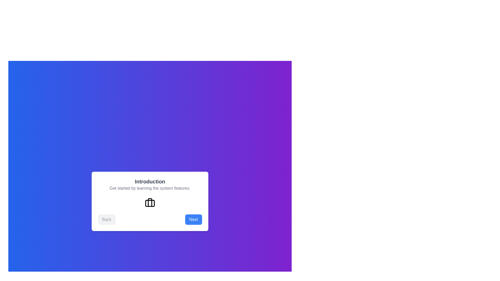 This screenshot has width=500, height=281. Describe the element at coordinates (150, 202) in the screenshot. I see `the icon to inspect it` at that location.